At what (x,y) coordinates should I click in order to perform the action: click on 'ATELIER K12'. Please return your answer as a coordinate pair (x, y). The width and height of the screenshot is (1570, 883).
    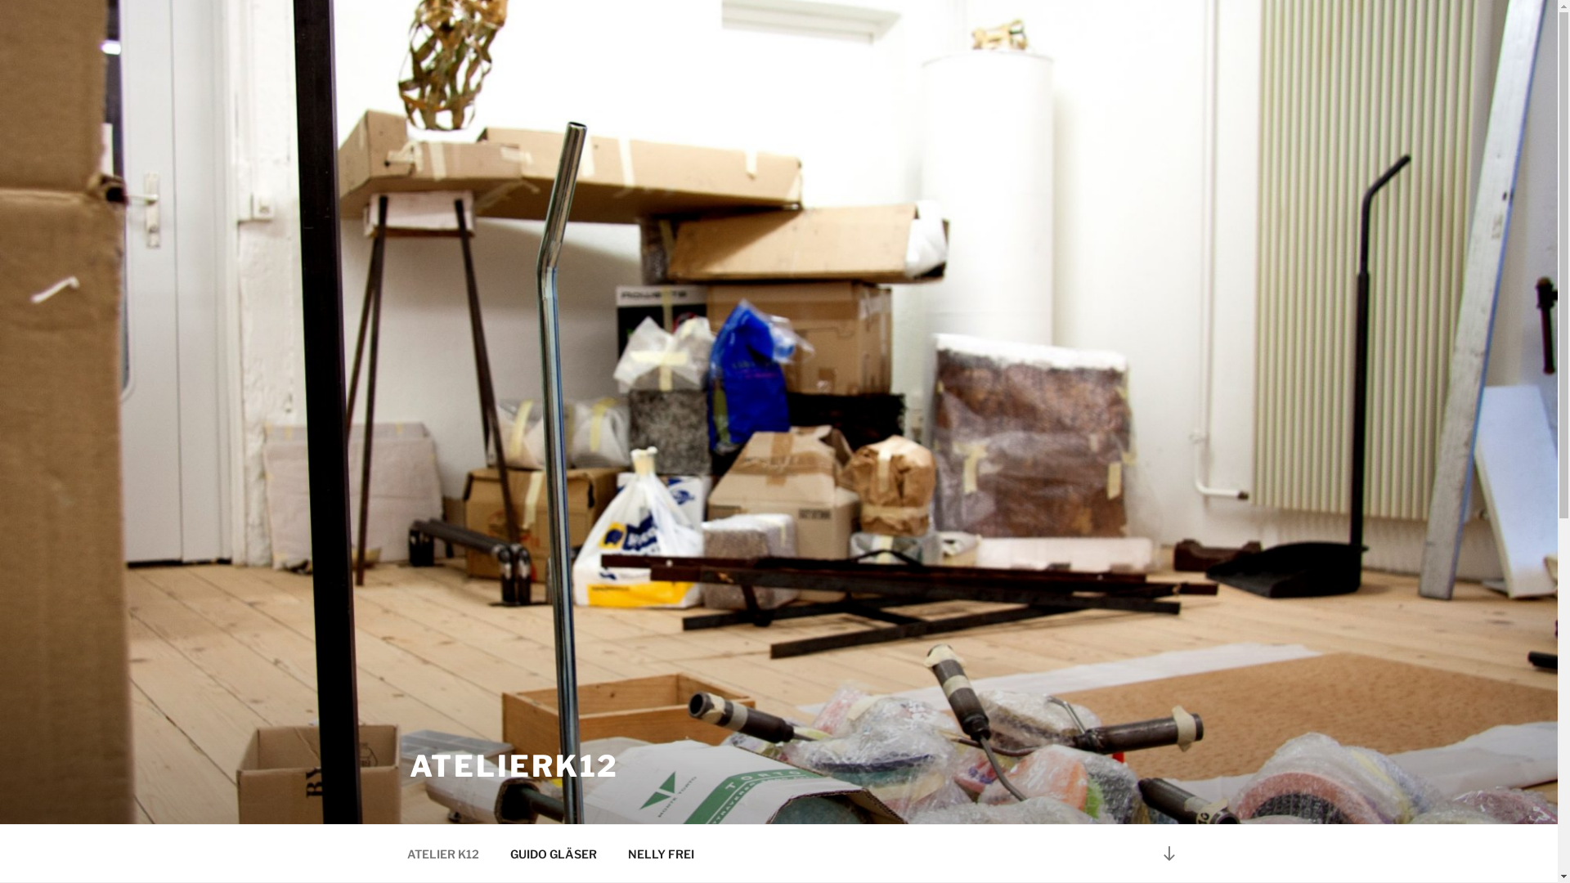
    Looking at the image, I should click on (442, 853).